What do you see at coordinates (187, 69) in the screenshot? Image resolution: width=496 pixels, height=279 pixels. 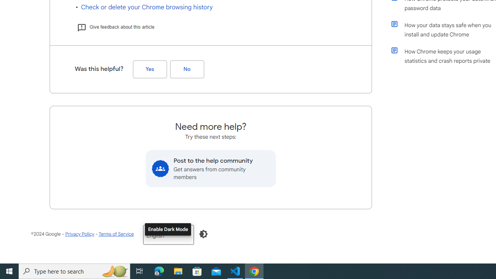 I see `'No (Was this helpful?)'` at bounding box center [187, 69].